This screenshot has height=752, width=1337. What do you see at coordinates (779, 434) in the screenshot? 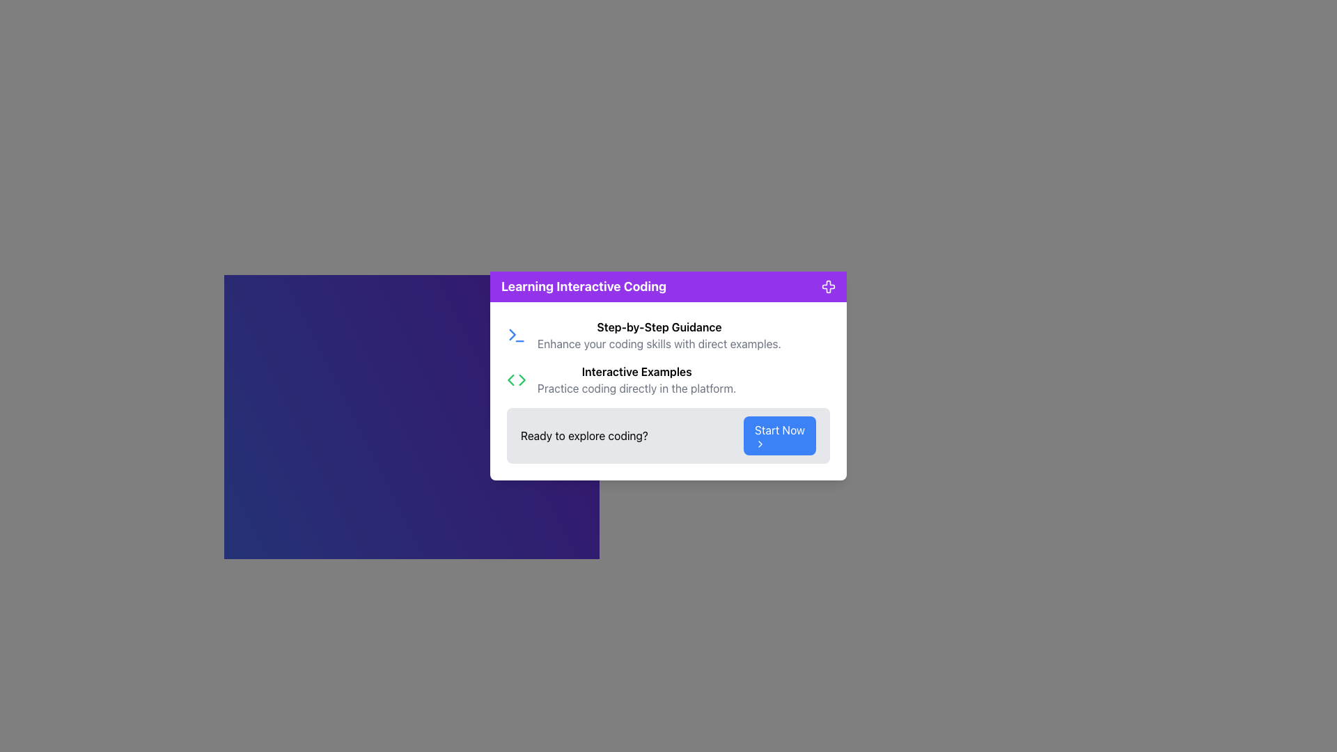
I see `the call-to-action button located` at bounding box center [779, 434].